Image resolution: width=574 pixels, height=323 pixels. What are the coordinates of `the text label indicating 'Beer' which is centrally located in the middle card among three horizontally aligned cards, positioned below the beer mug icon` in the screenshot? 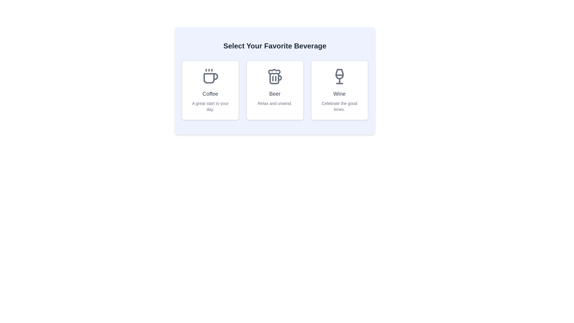 It's located at (274, 94).